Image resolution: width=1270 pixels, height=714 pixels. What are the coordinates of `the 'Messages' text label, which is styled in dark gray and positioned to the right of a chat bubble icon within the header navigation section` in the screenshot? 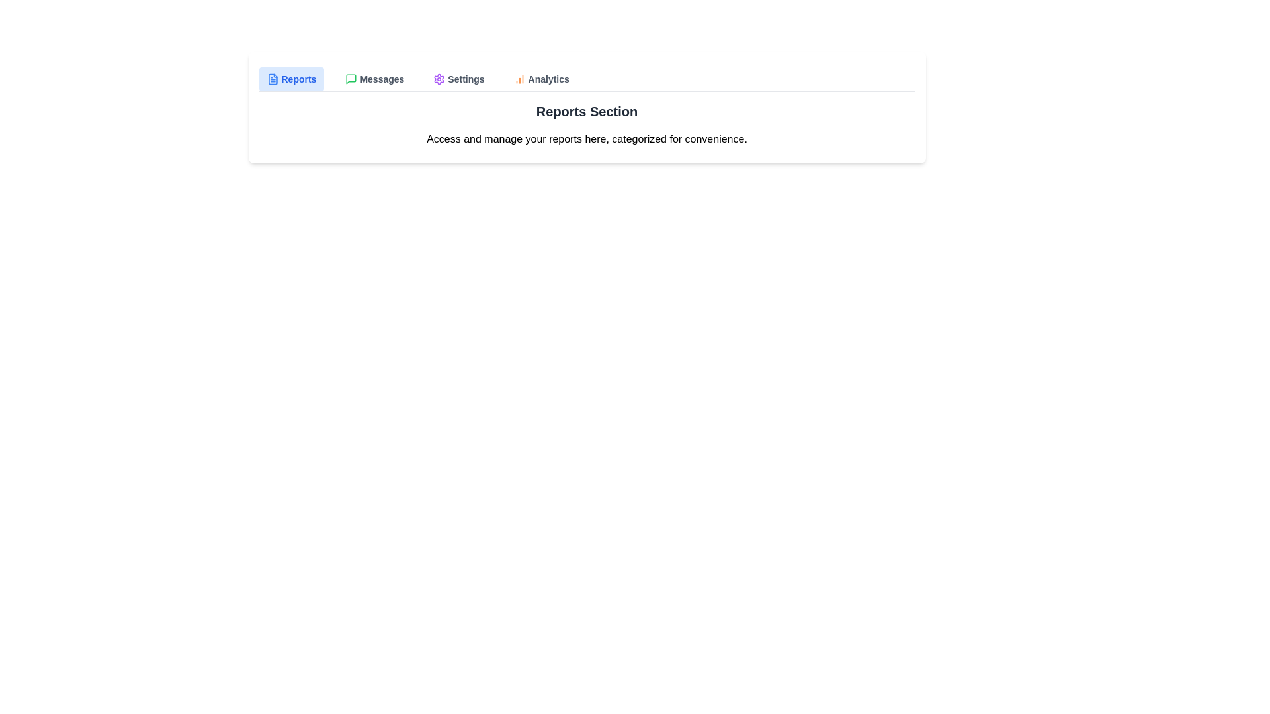 It's located at (381, 79).